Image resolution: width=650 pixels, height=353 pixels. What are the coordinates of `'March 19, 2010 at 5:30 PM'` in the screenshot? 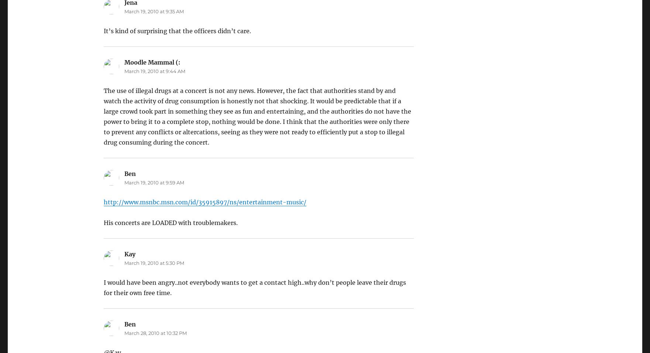 It's located at (154, 263).